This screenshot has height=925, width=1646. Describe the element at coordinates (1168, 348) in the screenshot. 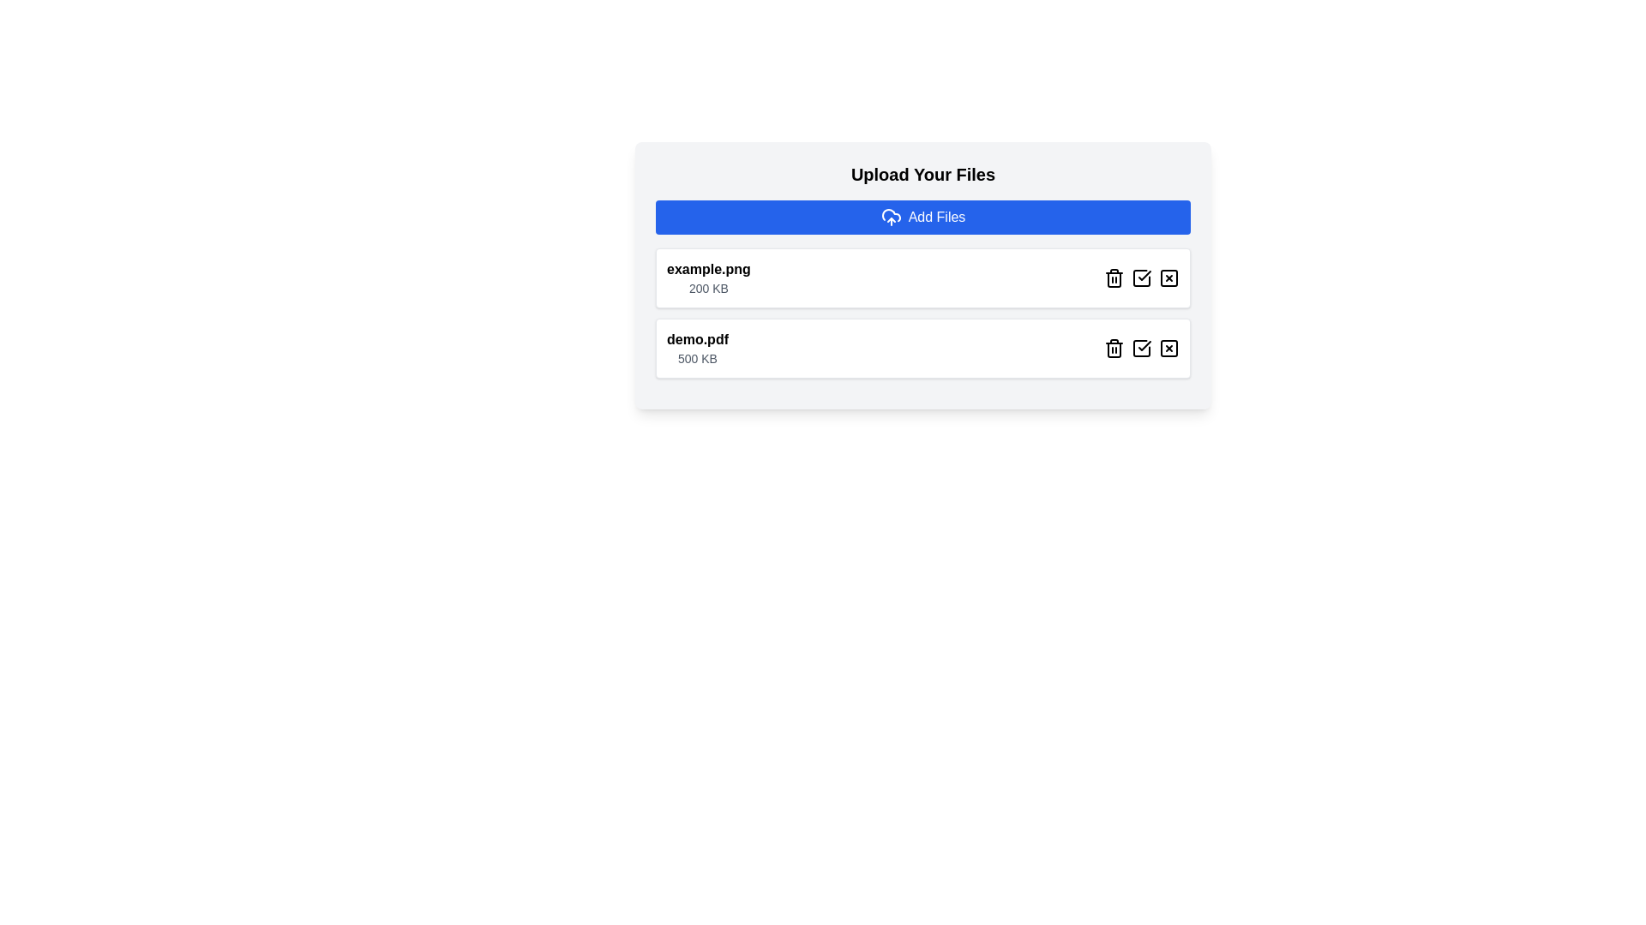

I see `the actionable icon located on the far right of the list item in the file upload interface` at that location.